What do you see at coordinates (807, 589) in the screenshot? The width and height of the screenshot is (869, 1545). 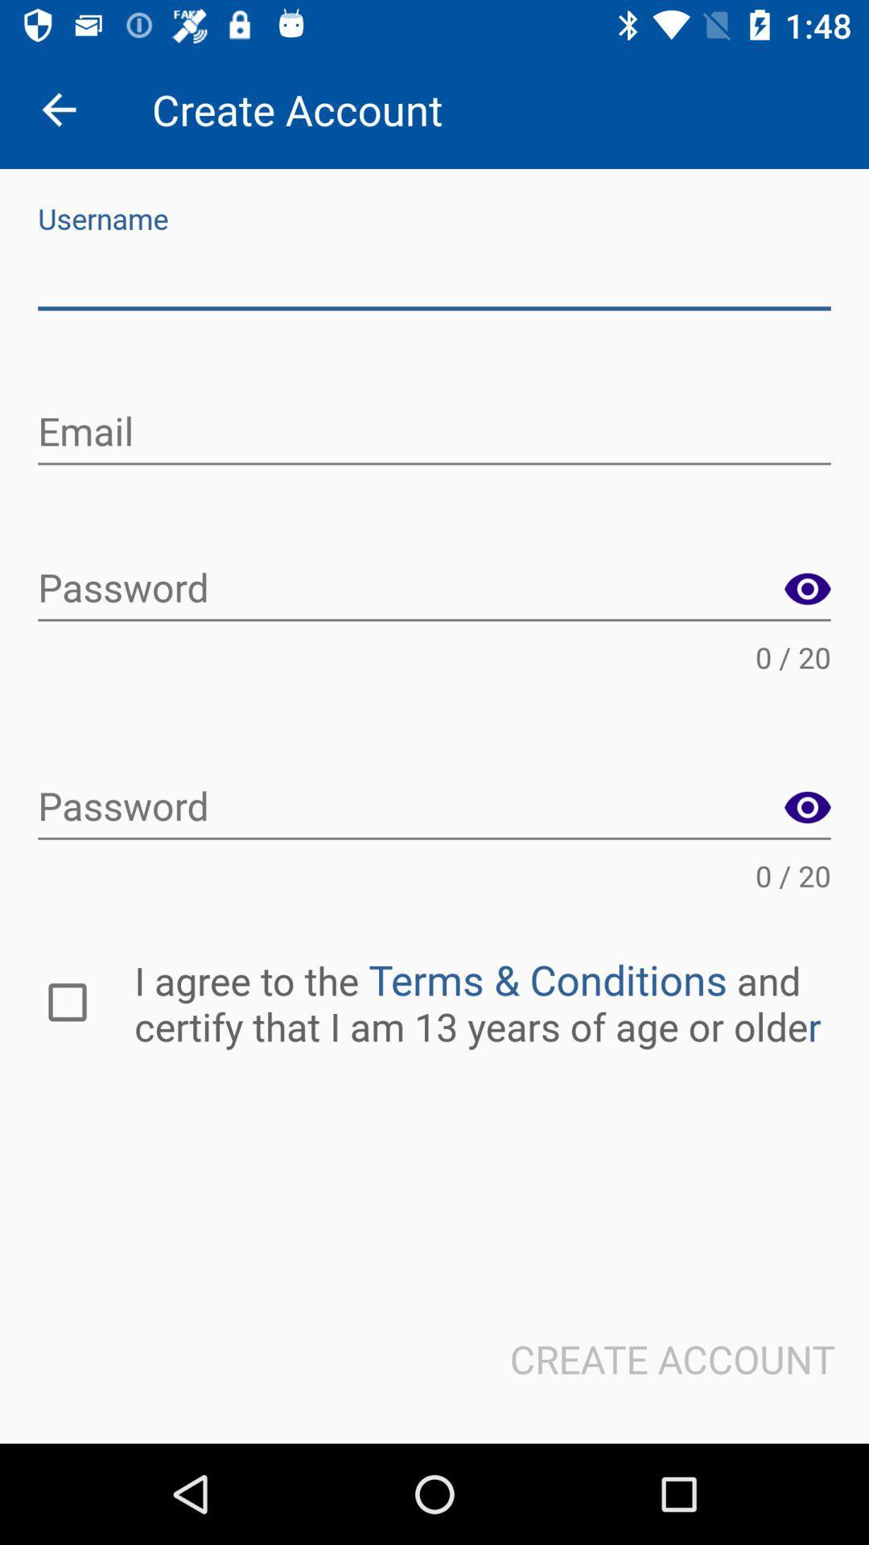 I see `show text` at bounding box center [807, 589].